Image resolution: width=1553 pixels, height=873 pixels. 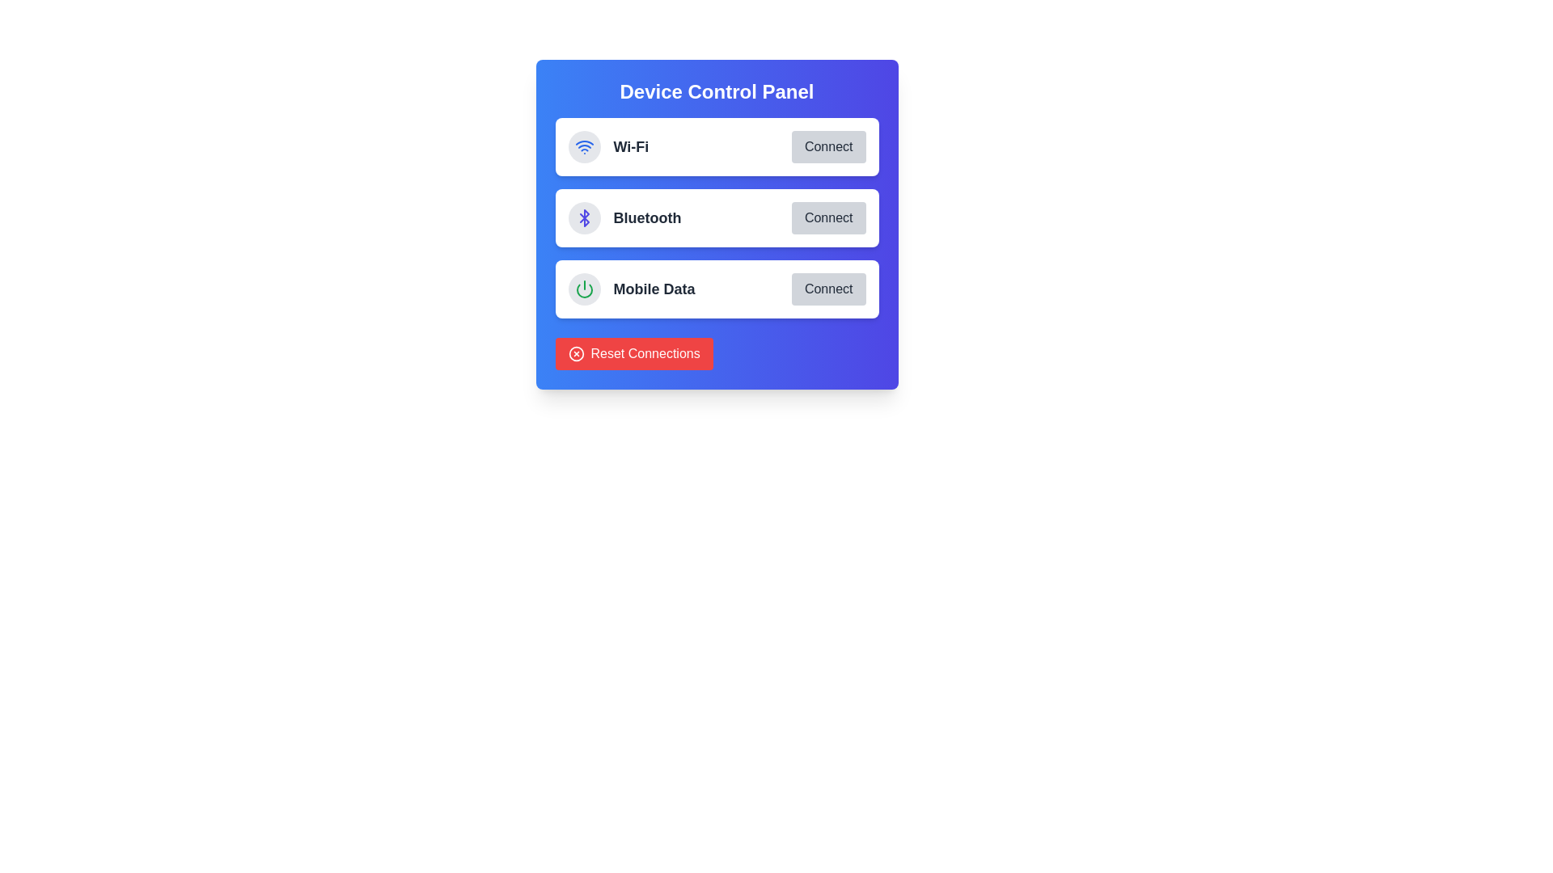 I want to click on the reset button located at the bottom of the 'Device Control Panel', underneath the 'Mobile Data' option, so click(x=633, y=353).